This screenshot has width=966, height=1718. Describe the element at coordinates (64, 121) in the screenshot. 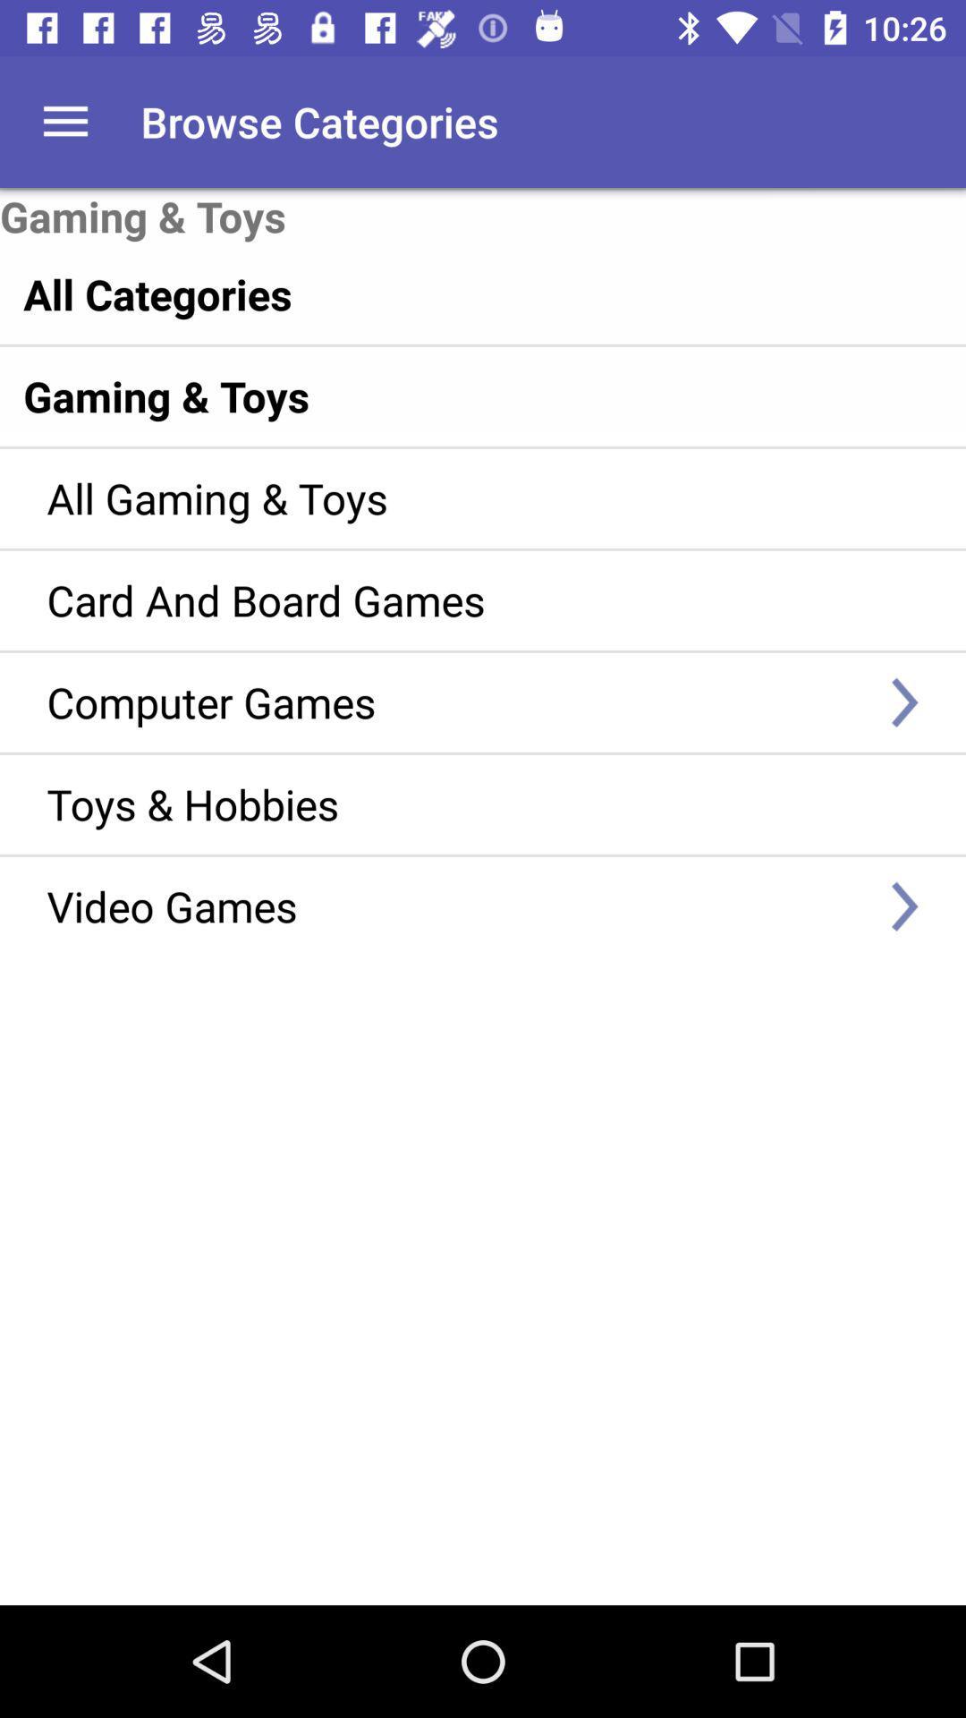

I see `settings` at that location.